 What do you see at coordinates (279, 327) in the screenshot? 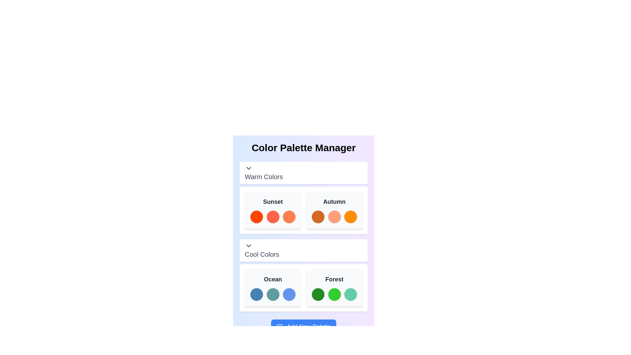
I see `the interactive graphic, a small rounded square located below the 'Add New Palette' button` at bounding box center [279, 327].